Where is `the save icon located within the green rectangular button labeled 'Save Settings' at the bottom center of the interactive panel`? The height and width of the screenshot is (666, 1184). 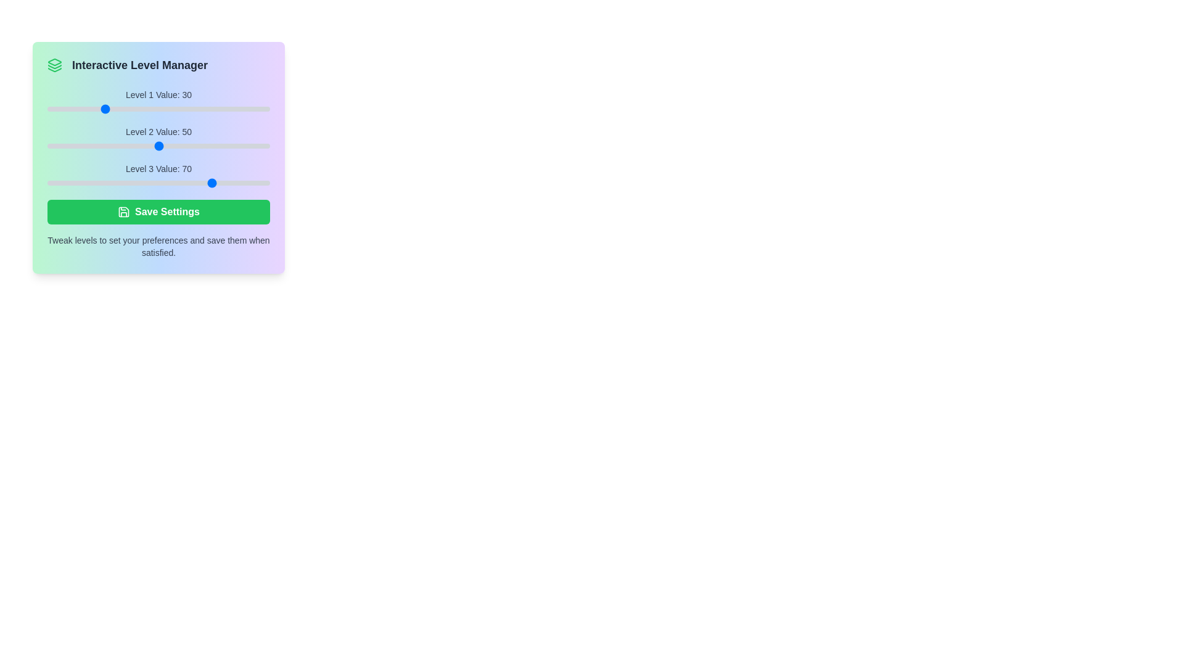
the save icon located within the green rectangular button labeled 'Save Settings' at the bottom center of the interactive panel is located at coordinates (124, 211).